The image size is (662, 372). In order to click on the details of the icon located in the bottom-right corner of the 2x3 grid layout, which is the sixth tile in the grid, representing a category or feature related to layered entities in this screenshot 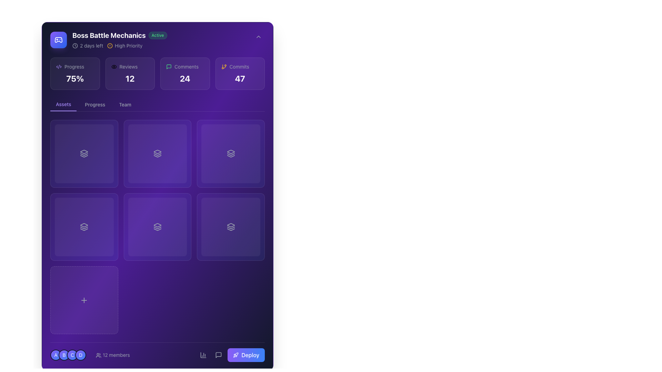, I will do `click(231, 227)`.